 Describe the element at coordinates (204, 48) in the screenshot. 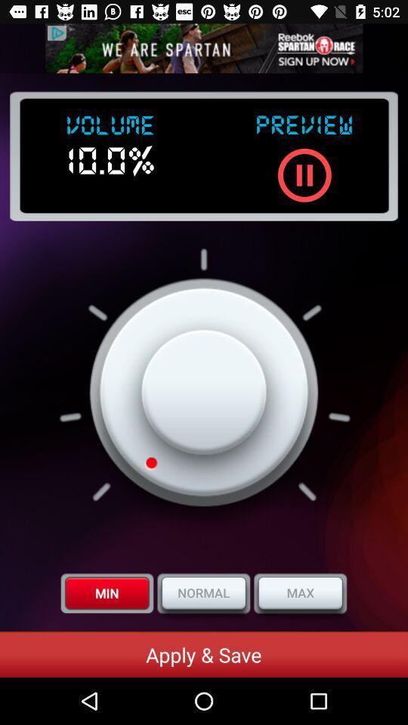

I see `advertisement option` at that location.